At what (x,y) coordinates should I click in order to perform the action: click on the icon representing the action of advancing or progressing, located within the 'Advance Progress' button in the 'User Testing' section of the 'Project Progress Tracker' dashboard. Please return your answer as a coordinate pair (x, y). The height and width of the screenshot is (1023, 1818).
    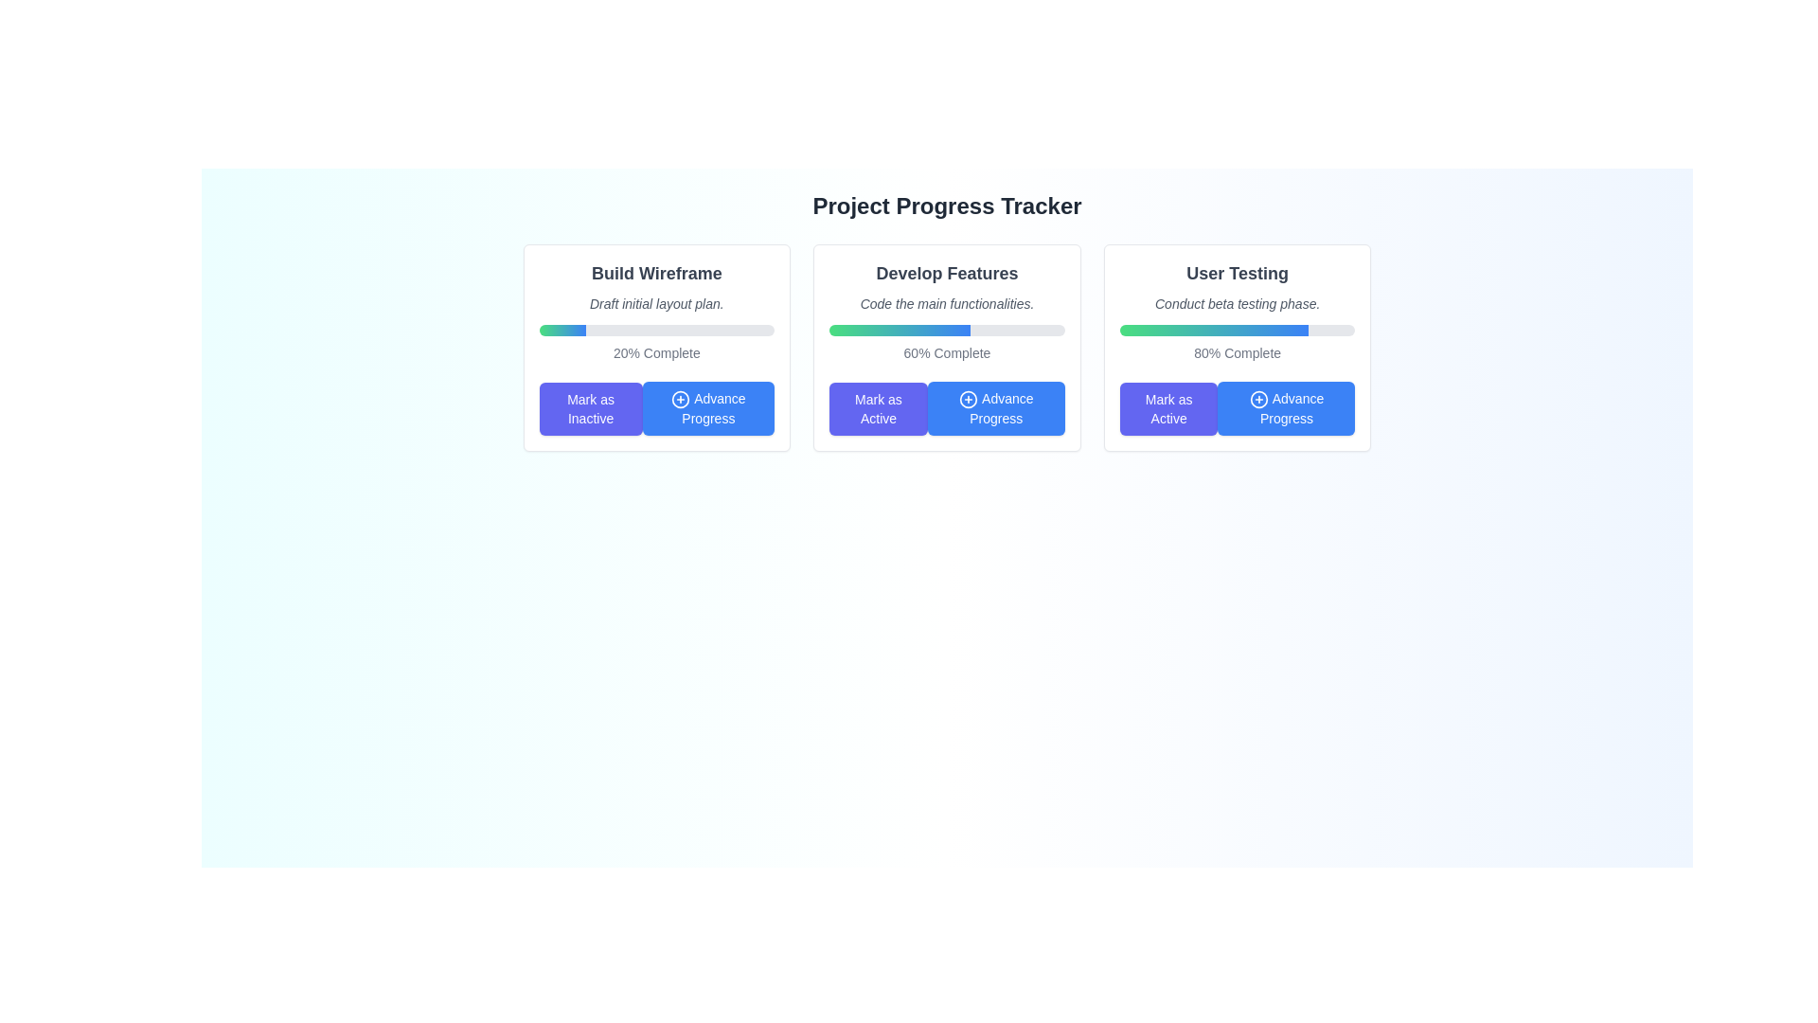
    Looking at the image, I should click on (1258, 399).